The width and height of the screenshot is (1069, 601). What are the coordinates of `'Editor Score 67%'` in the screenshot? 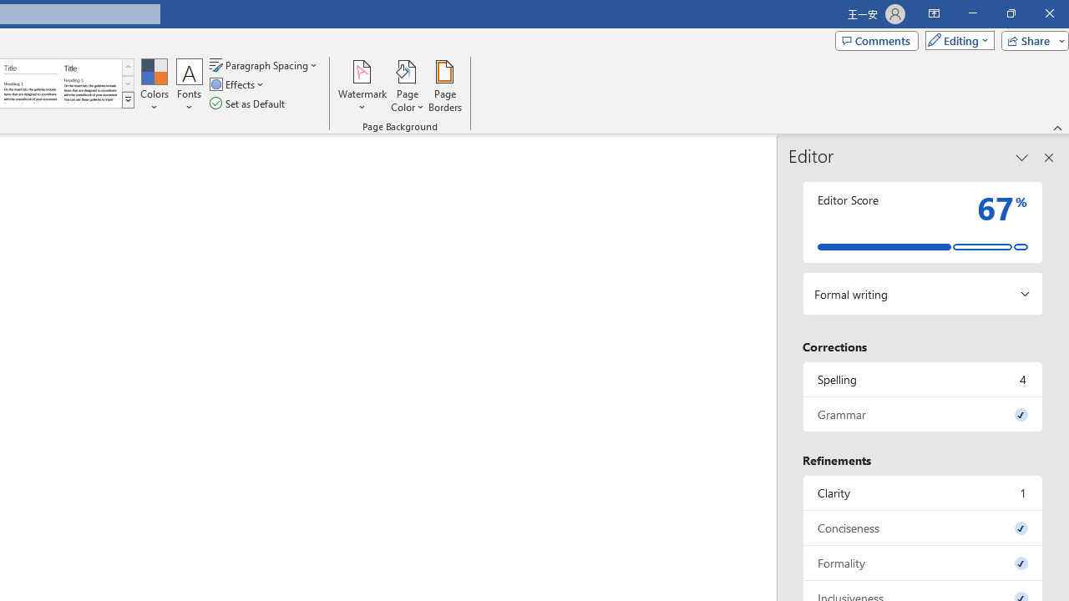 It's located at (922, 221).